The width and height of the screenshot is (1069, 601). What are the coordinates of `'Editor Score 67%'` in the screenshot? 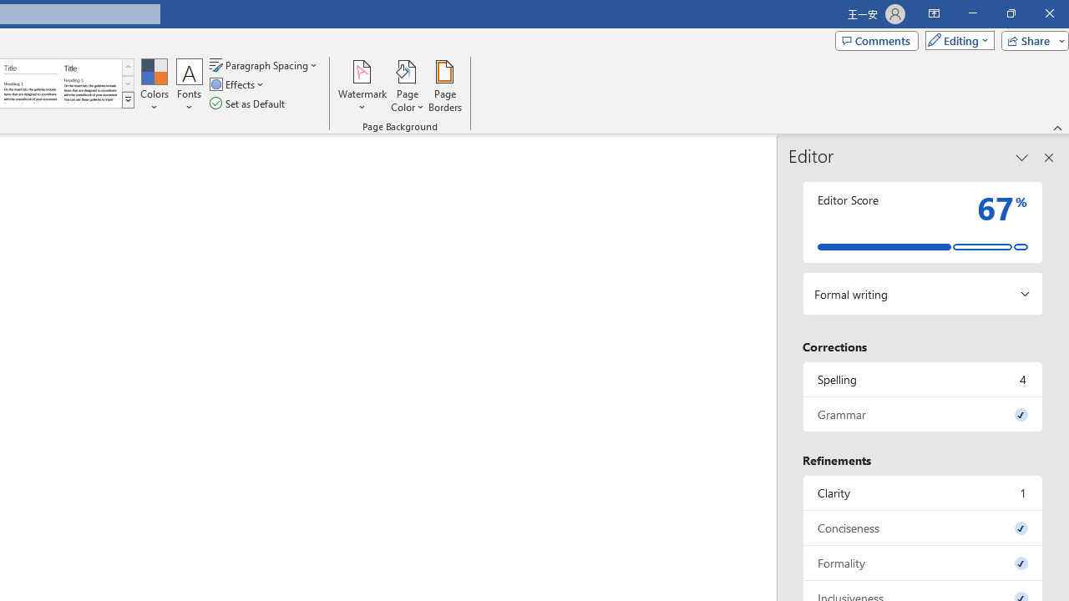 It's located at (922, 221).